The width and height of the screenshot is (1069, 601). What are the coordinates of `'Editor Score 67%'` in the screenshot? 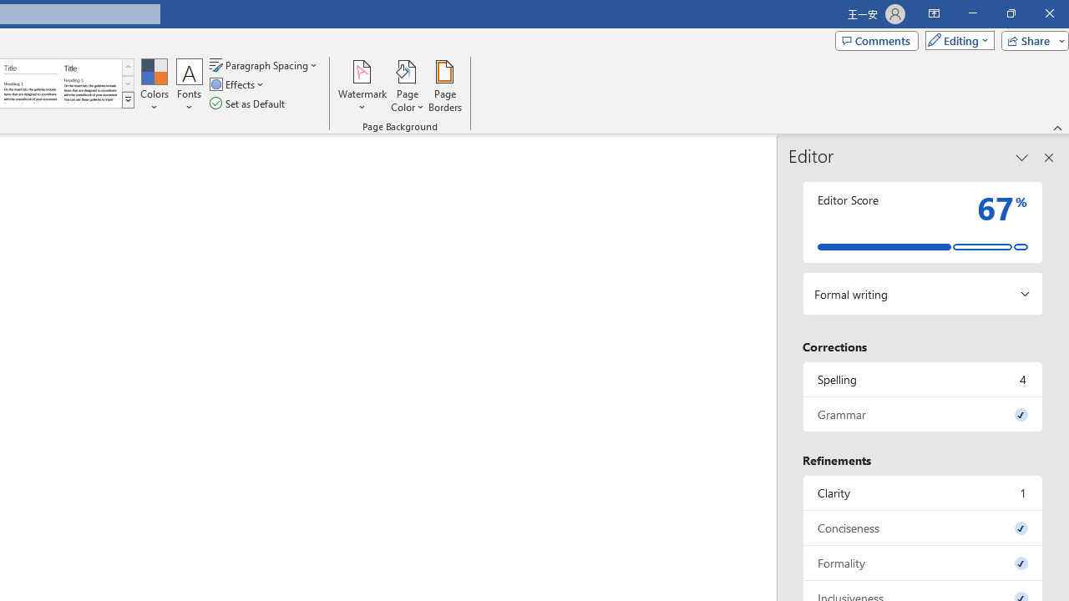 It's located at (922, 221).